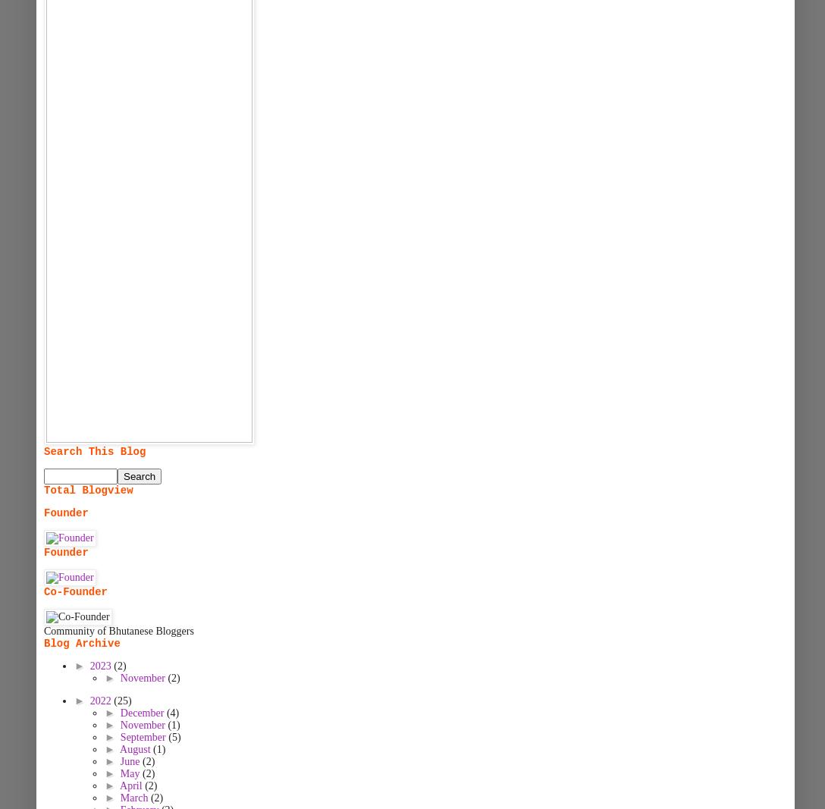 The height and width of the screenshot is (809, 825). I want to click on 'Total Blogview', so click(88, 491).